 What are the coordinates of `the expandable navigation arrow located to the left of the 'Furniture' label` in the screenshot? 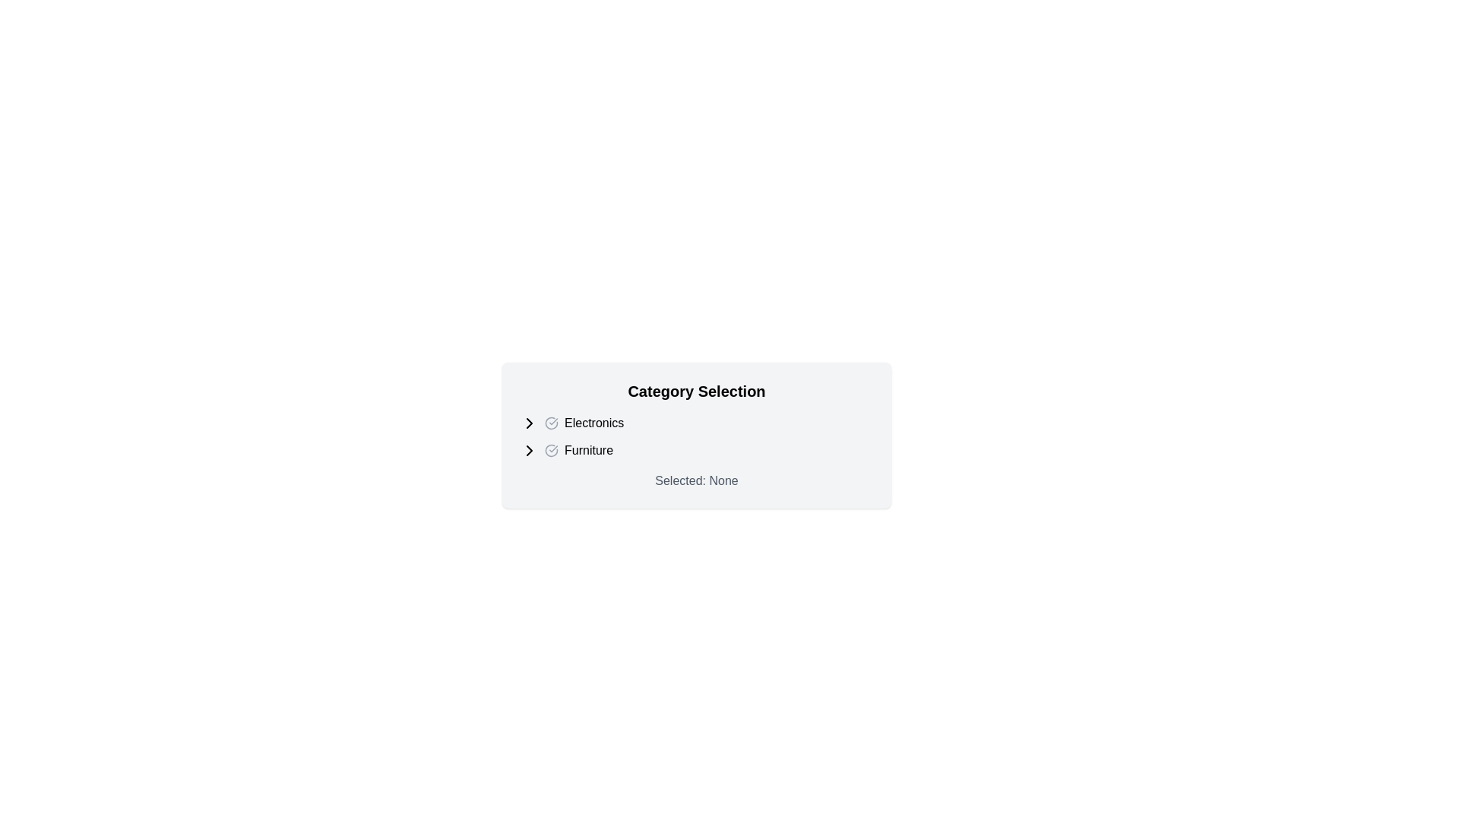 It's located at (529, 450).